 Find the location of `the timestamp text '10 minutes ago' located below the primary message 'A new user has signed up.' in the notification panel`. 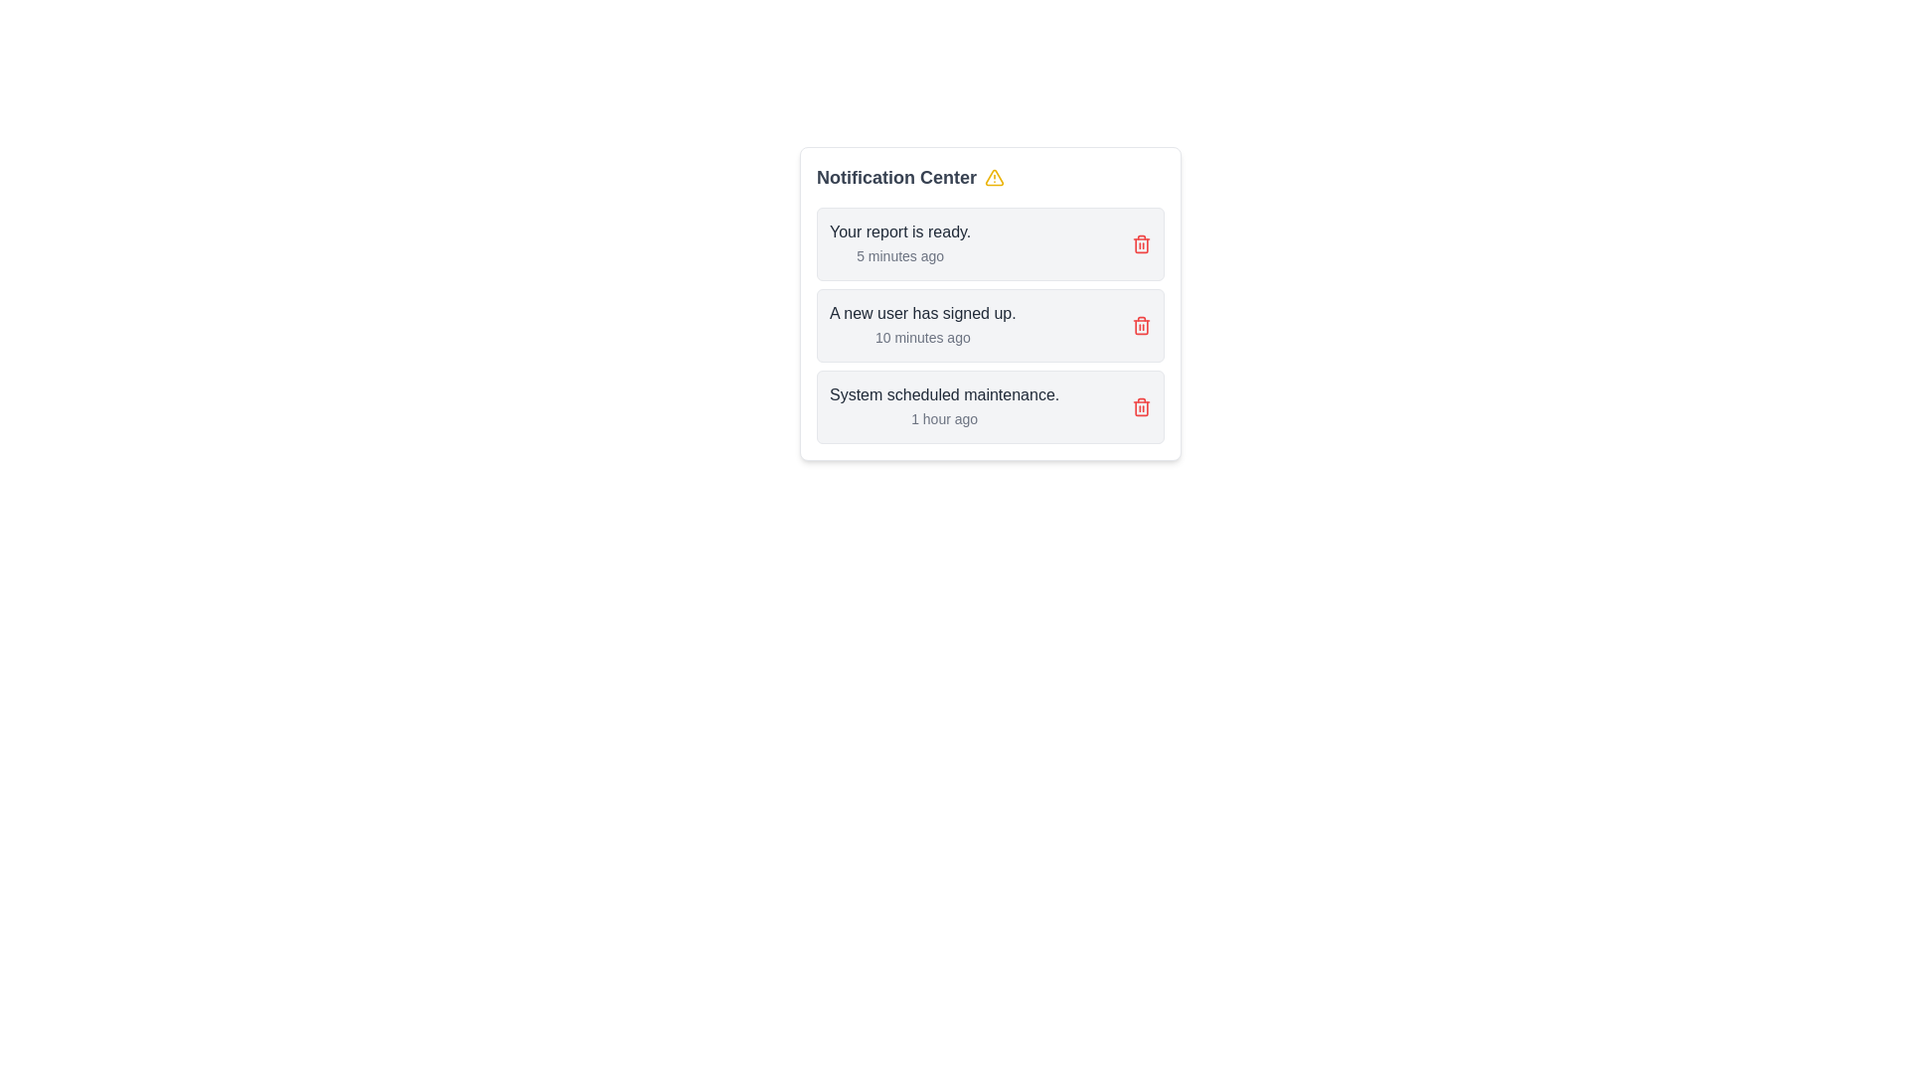

the timestamp text '10 minutes ago' located below the primary message 'A new user has signed up.' in the notification panel is located at coordinates (921, 336).